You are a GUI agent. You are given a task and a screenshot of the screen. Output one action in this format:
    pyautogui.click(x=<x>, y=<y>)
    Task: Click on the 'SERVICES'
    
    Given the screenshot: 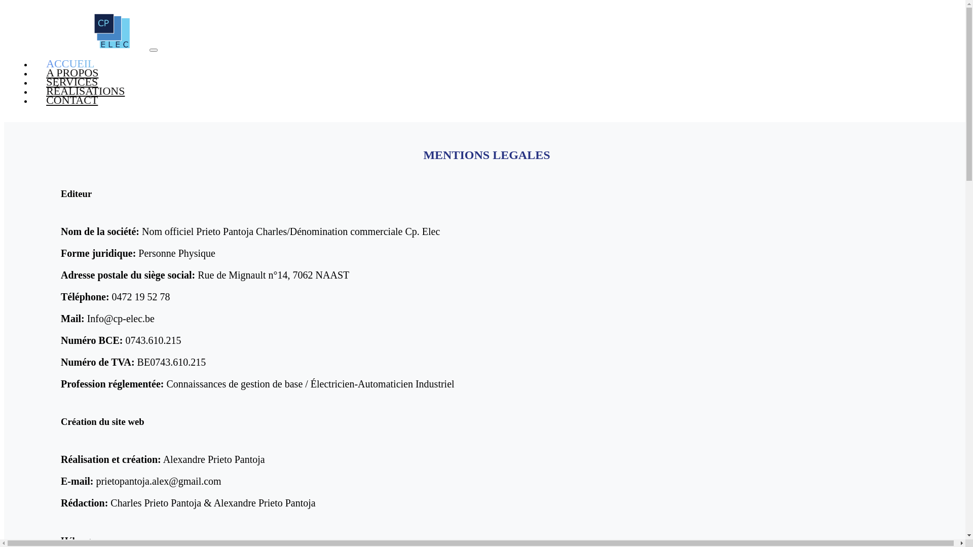 What is the action you would take?
    pyautogui.click(x=32, y=81)
    